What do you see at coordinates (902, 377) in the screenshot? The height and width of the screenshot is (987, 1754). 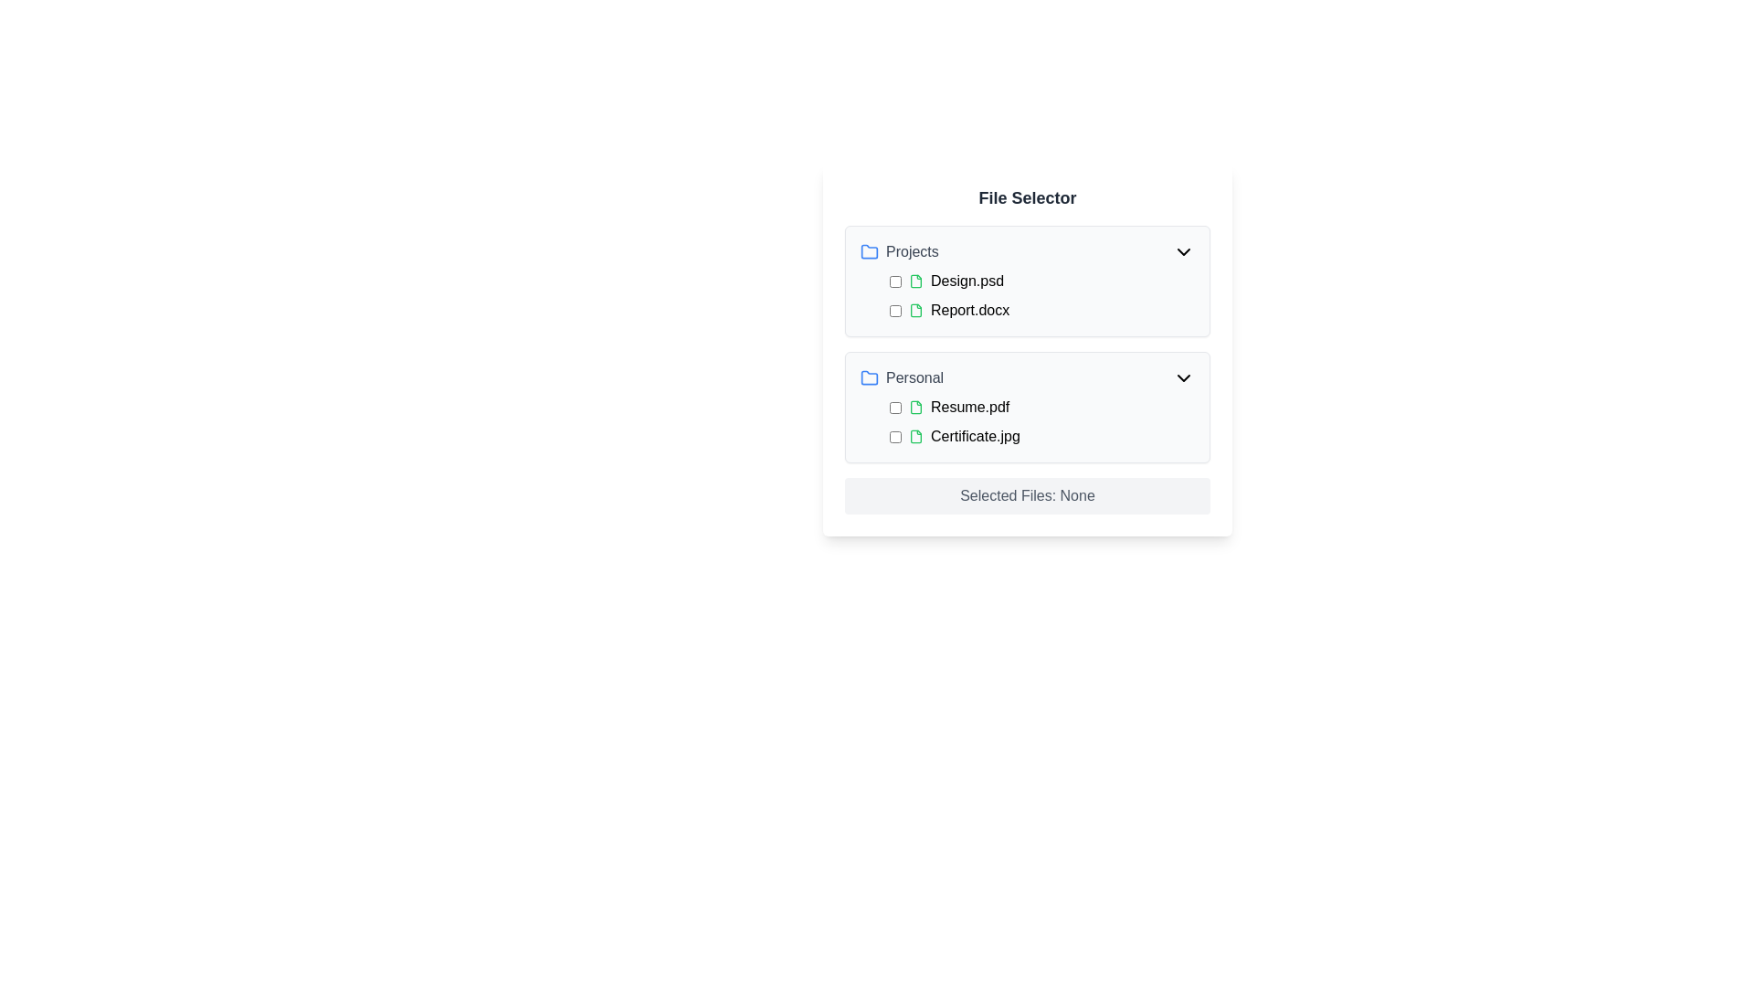 I see `to select the 'Personal' folder icon and label, which consists of the text 'Personal' and a blue folder icon, located in the second group of the list sections` at bounding box center [902, 377].